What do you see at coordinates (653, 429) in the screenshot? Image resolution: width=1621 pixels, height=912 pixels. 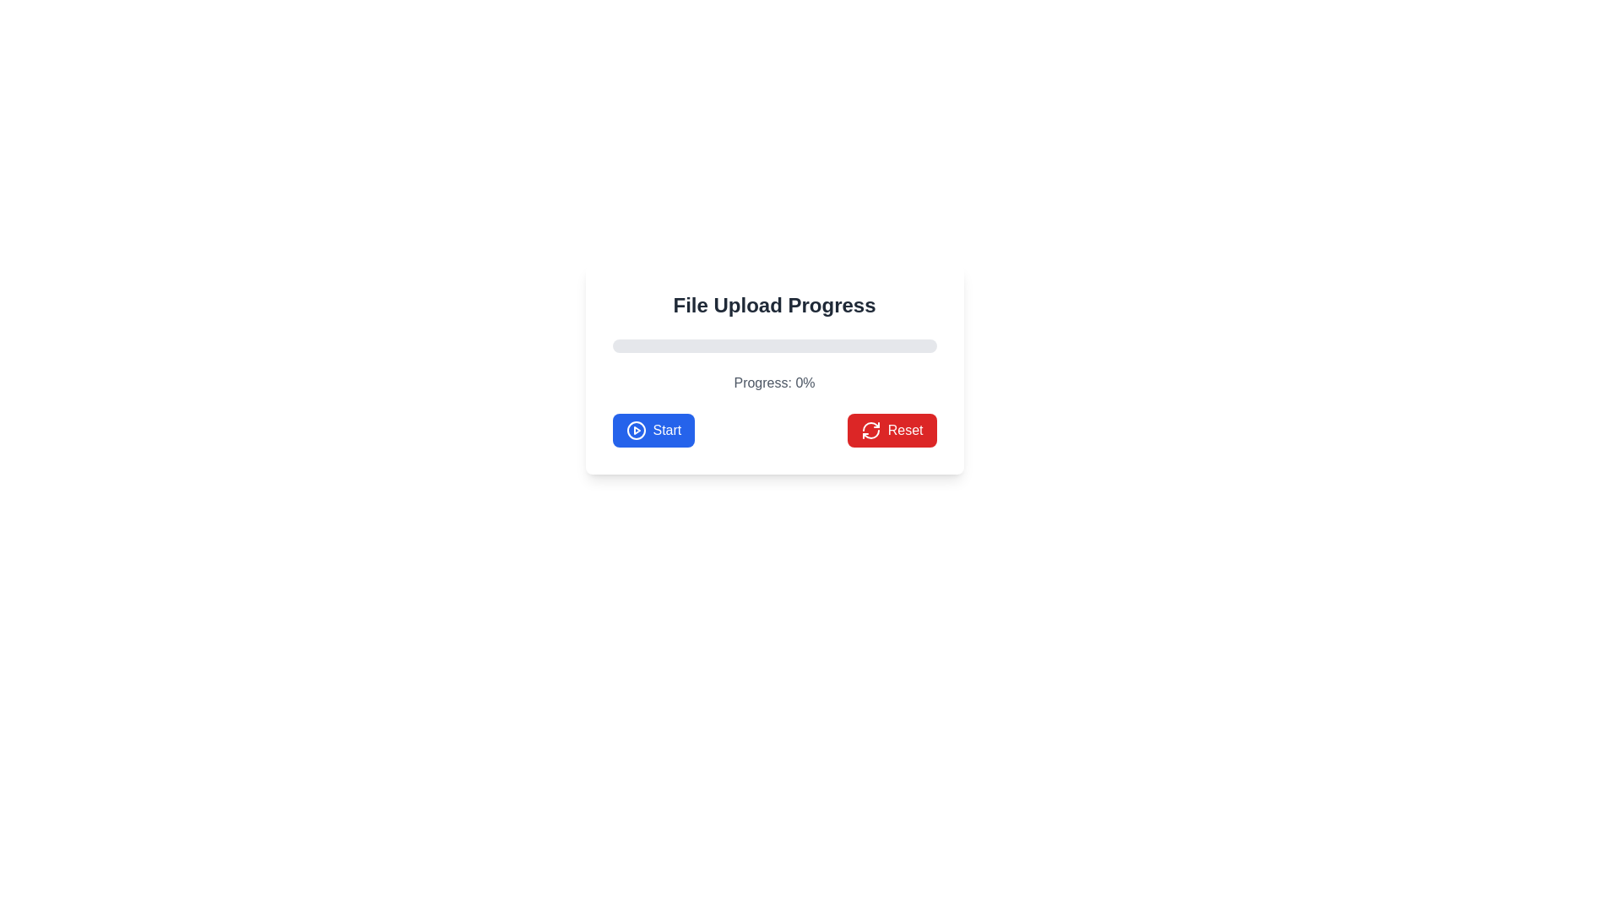 I see `the first button near the bottom center of the interface` at bounding box center [653, 429].